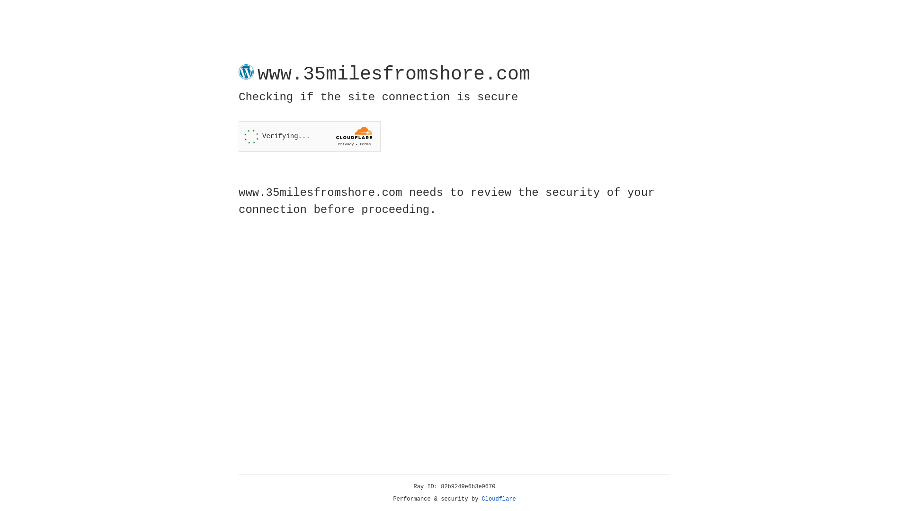 Image resolution: width=909 pixels, height=511 pixels. Describe the element at coordinates (499, 499) in the screenshot. I see `'Cloudflare'` at that location.